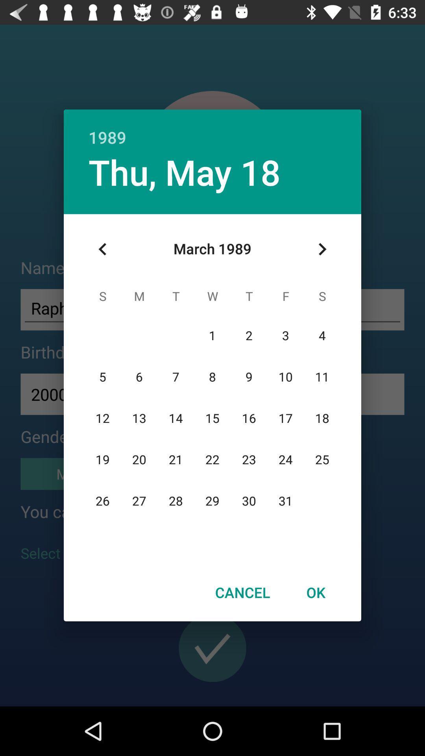  What do you see at coordinates (185, 171) in the screenshot?
I see `app below the 1989` at bounding box center [185, 171].